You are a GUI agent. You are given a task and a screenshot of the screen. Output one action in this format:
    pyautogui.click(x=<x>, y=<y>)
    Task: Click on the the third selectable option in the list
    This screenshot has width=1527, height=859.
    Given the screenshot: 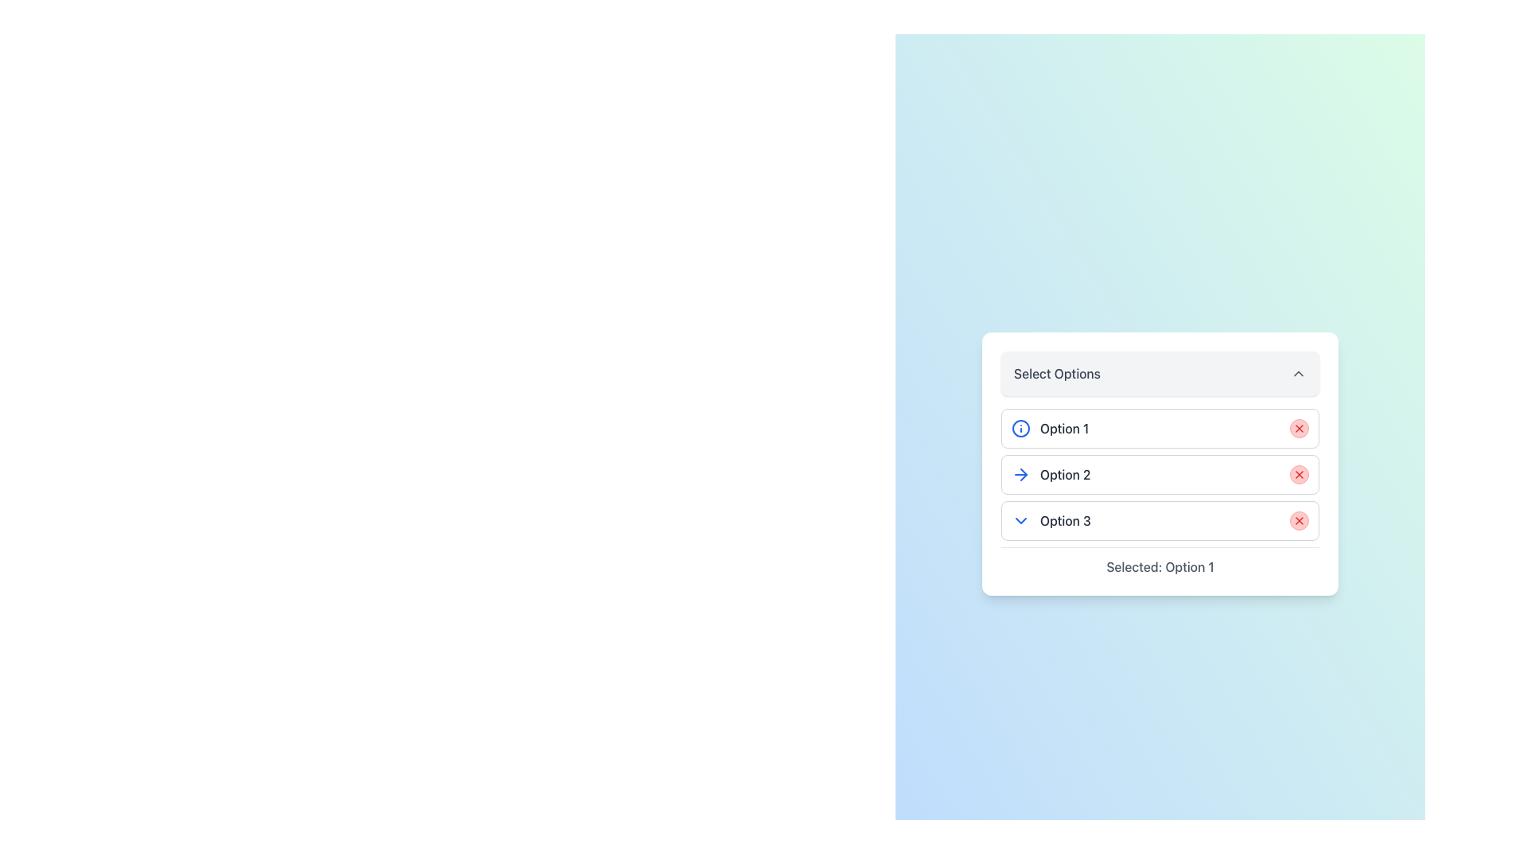 What is the action you would take?
    pyautogui.click(x=1160, y=520)
    